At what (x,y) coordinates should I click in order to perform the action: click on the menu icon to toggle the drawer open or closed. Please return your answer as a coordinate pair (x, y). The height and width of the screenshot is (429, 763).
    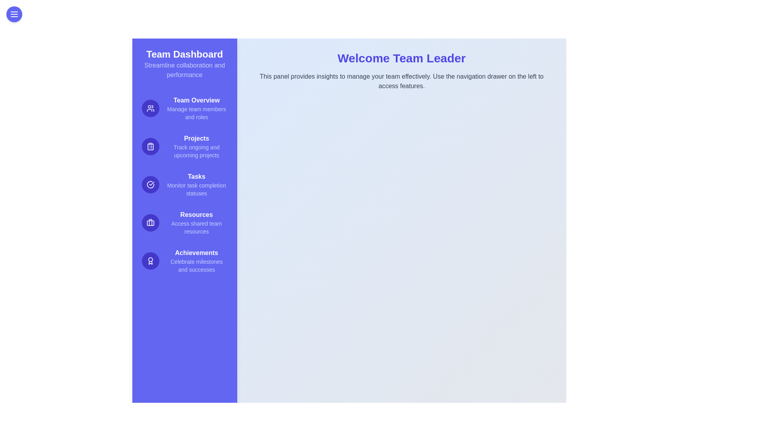
    Looking at the image, I should click on (14, 14).